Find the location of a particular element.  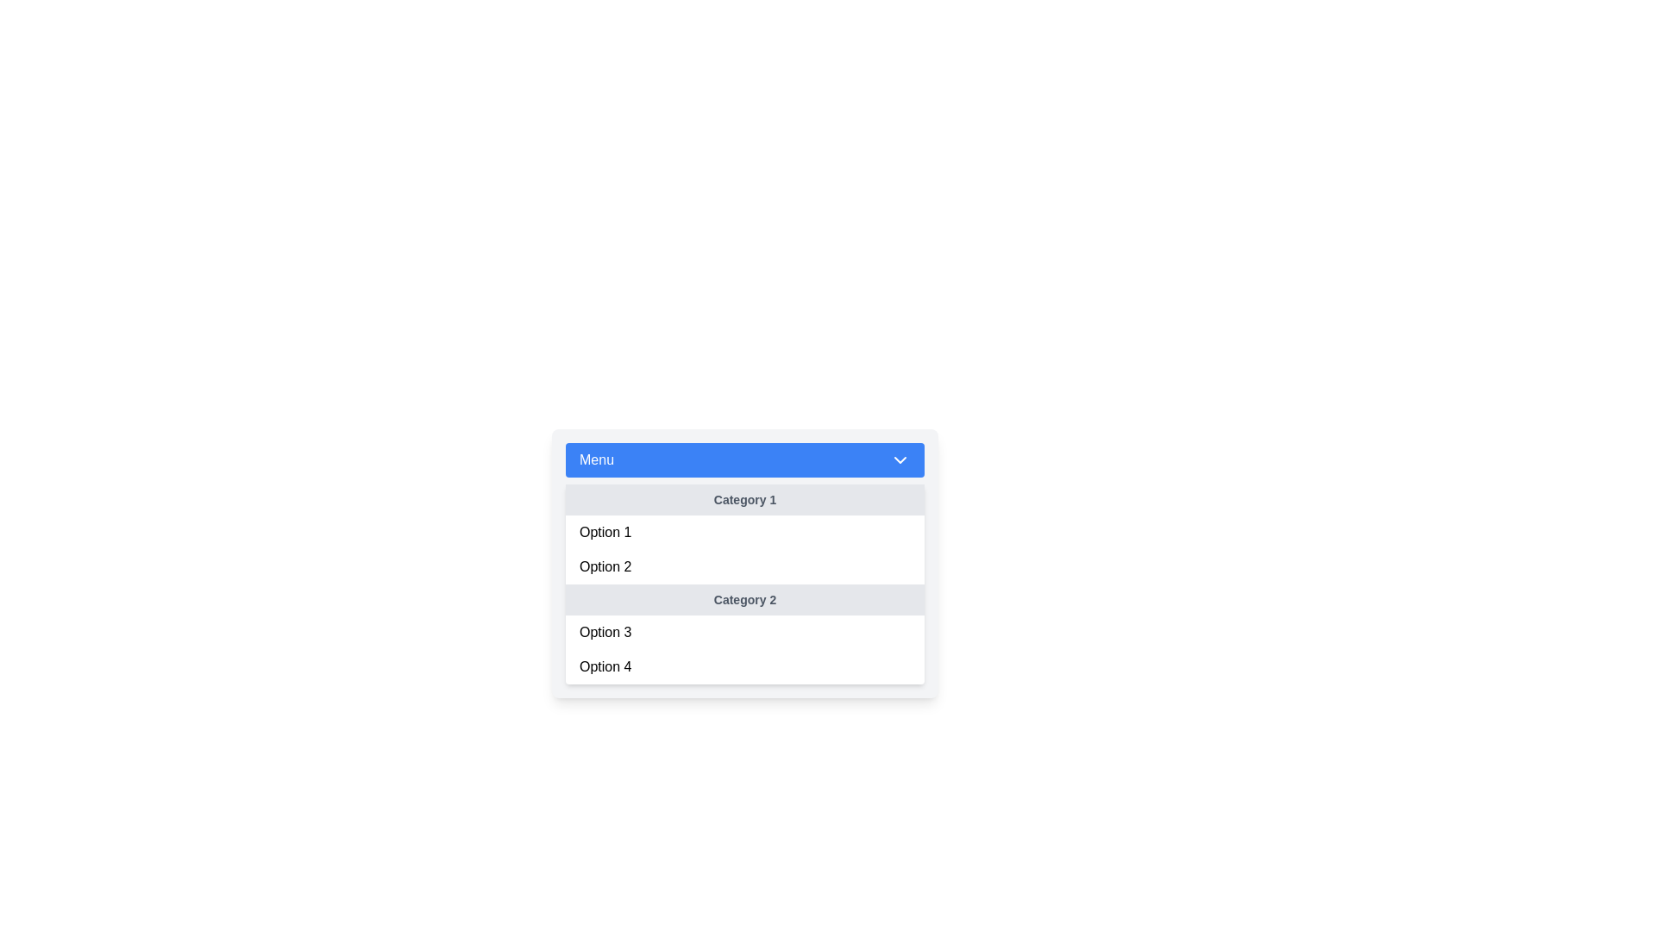

the blue horizontal button labeled 'Menu' located at the top of the options box is located at coordinates (745, 459).